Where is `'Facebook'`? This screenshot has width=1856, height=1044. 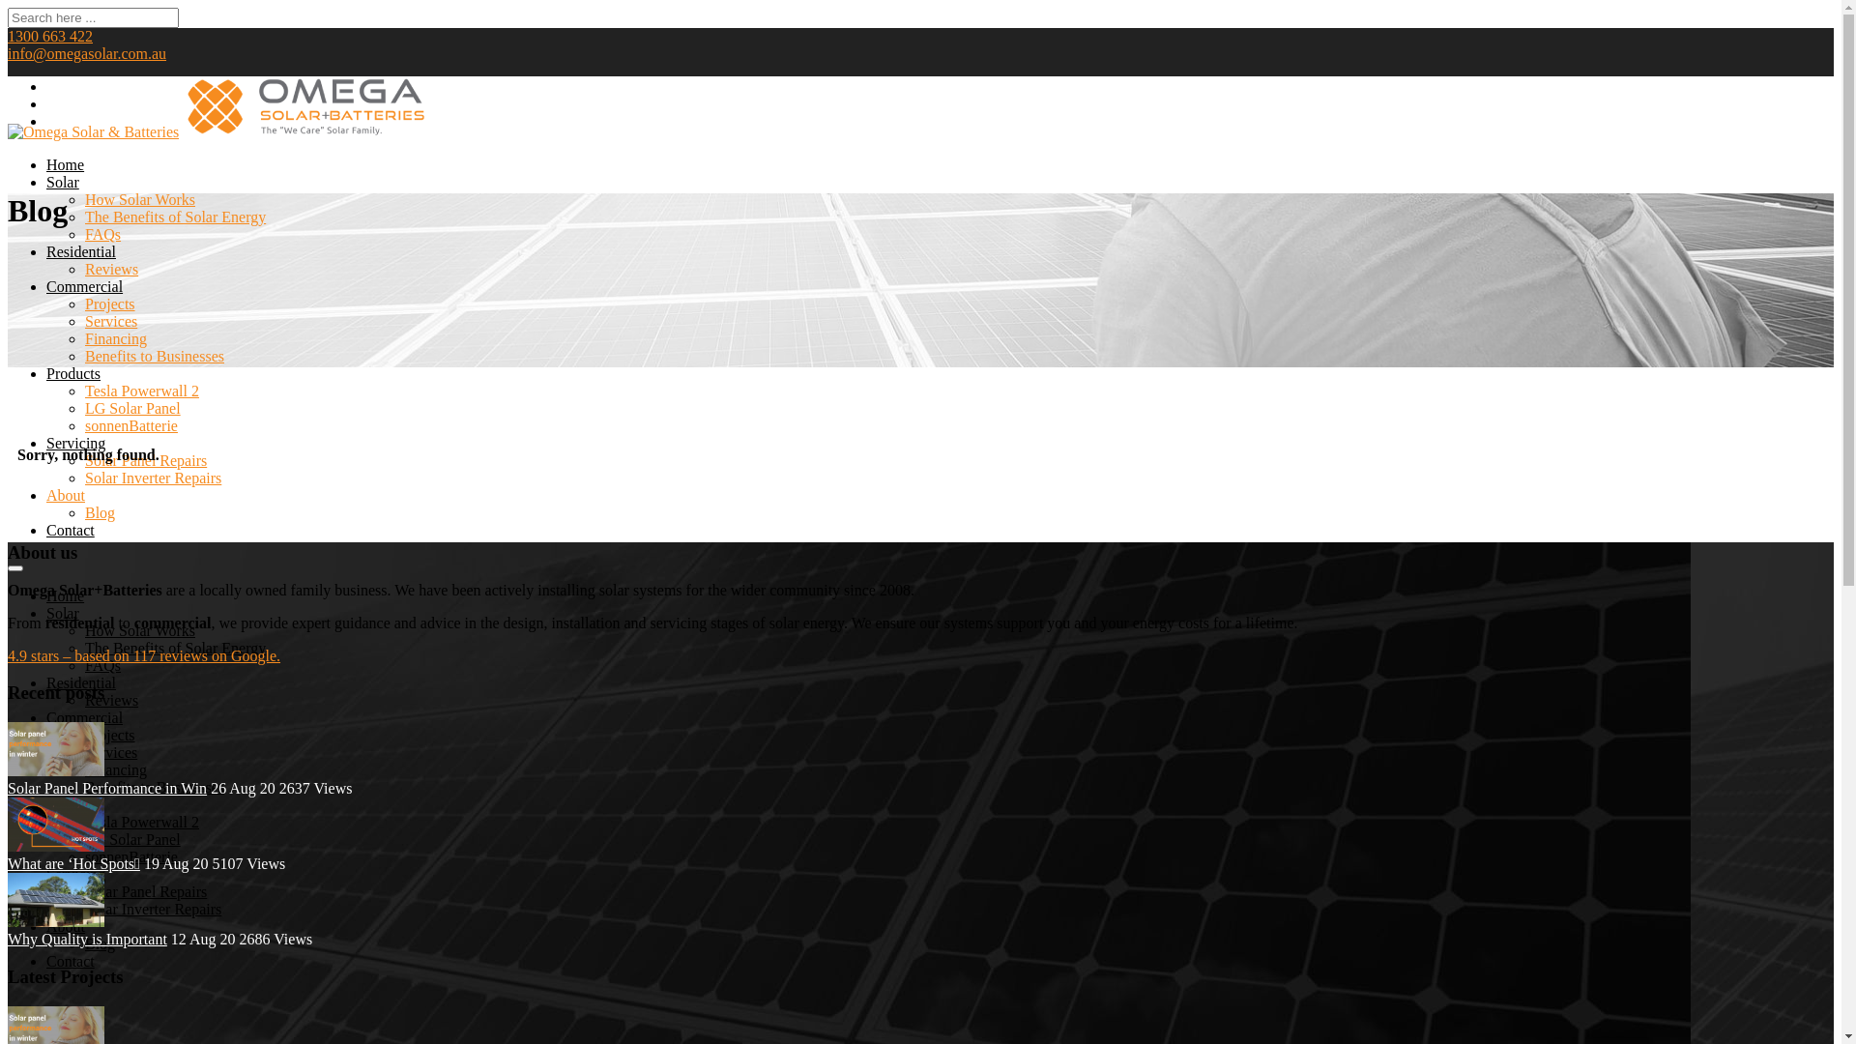 'Facebook' is located at coordinates (54, 85).